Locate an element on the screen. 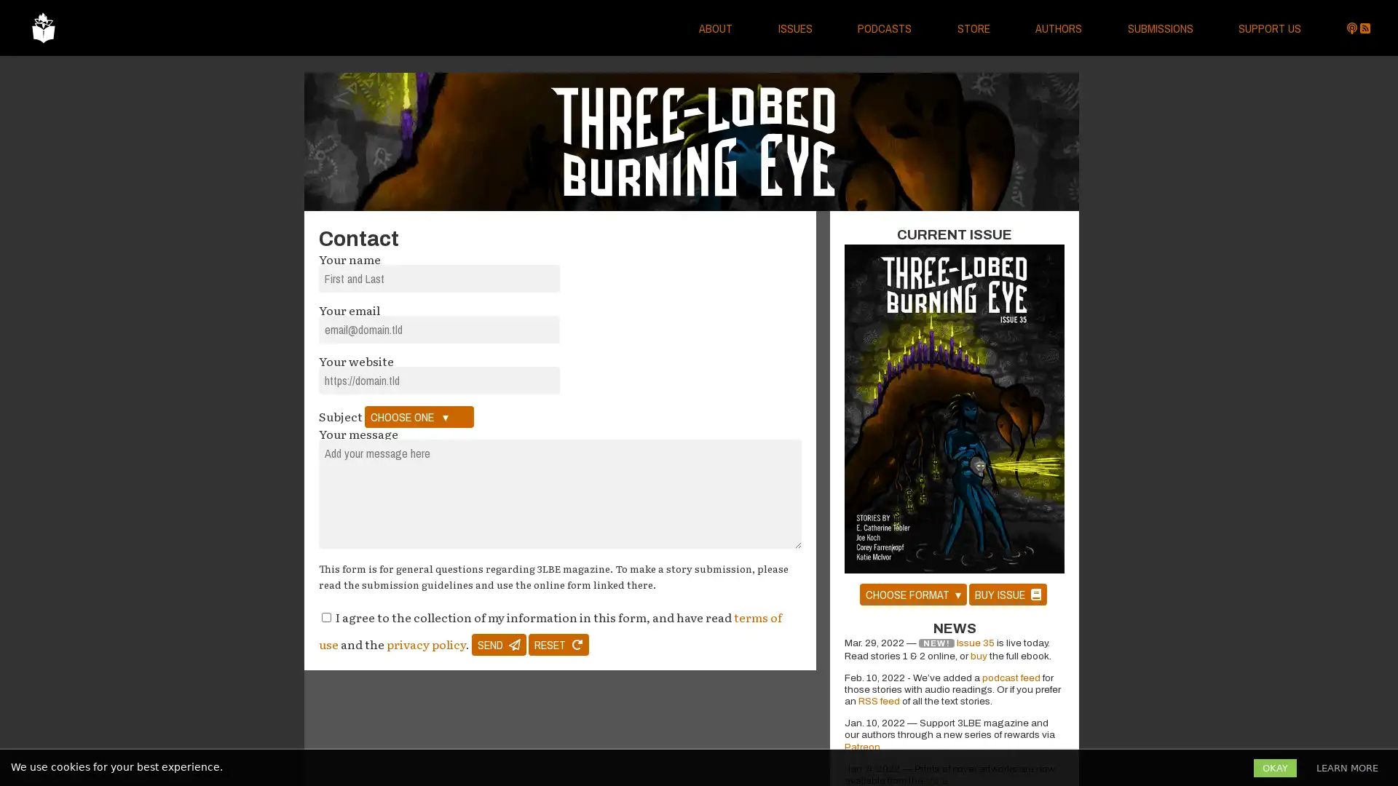  BUY ISSUE is located at coordinates (1006, 594).